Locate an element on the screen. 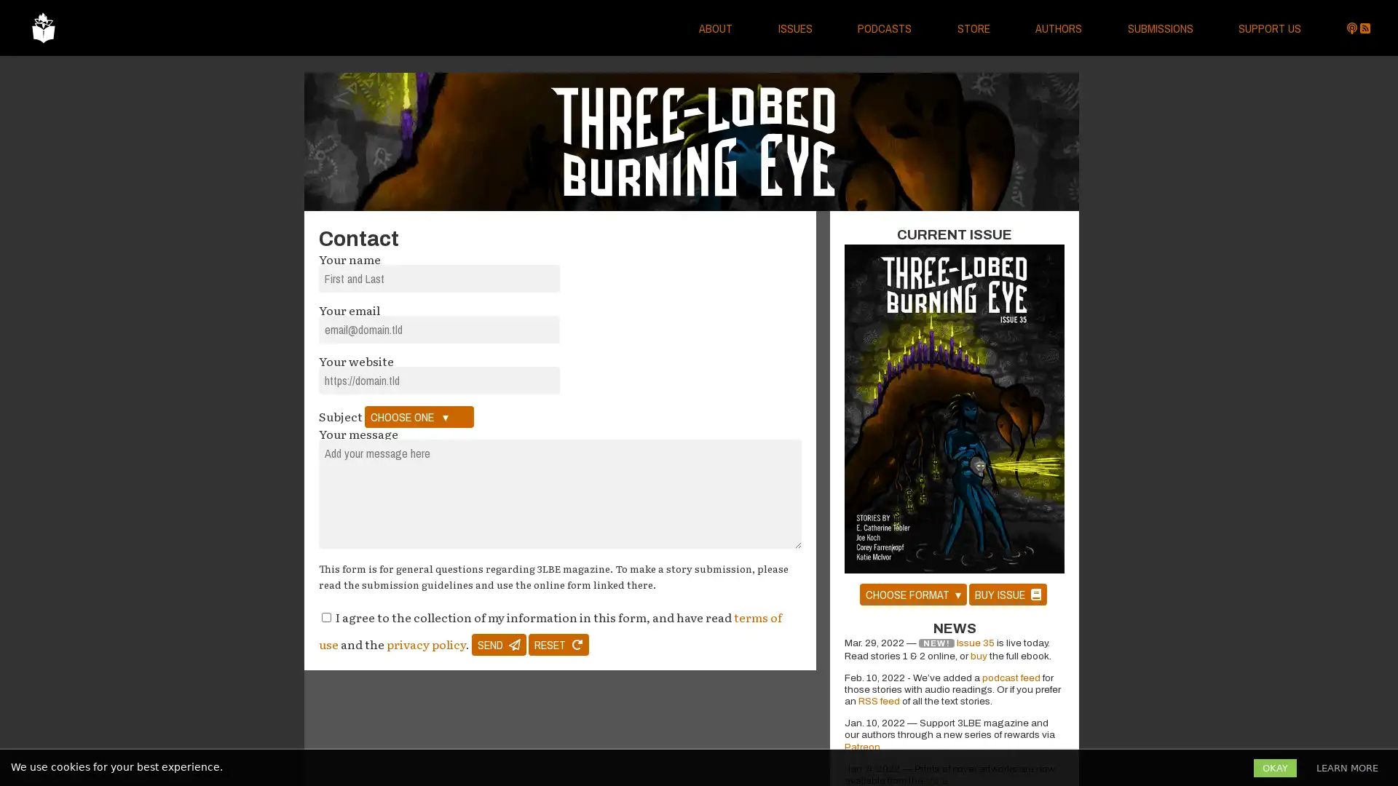  BUY ISSUE is located at coordinates (1006, 594).